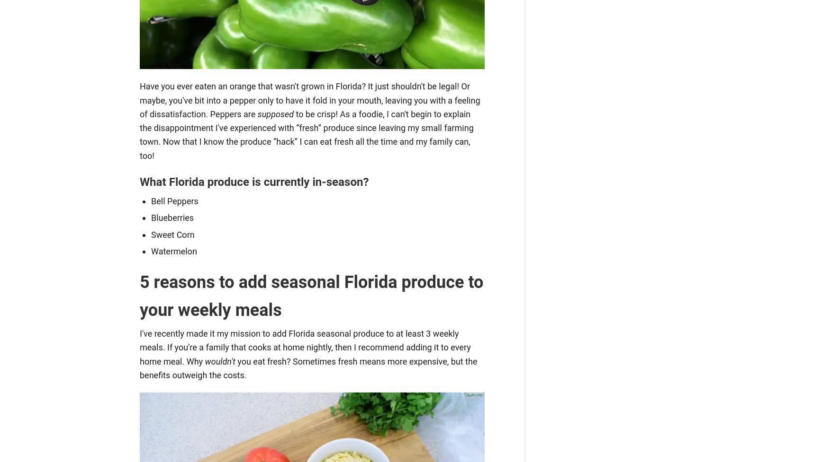  I want to click on 'to be crisp! As a foodie, I can't begin to explain the disappointment I've experienced with “fresh” produce since leaving my small farming town. Now that I know the produce “hack” I can eat fresh all the time and my family can, too!', so click(306, 134).